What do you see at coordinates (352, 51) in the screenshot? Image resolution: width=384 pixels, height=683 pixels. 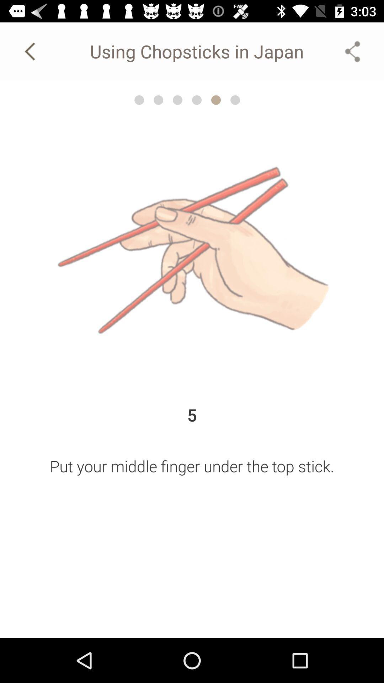 I see `the share icon` at bounding box center [352, 51].